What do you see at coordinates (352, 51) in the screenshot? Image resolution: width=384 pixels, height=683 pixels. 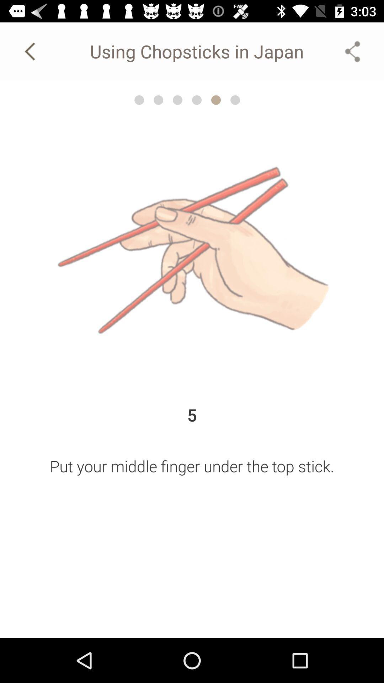 I see `the share icon` at bounding box center [352, 51].